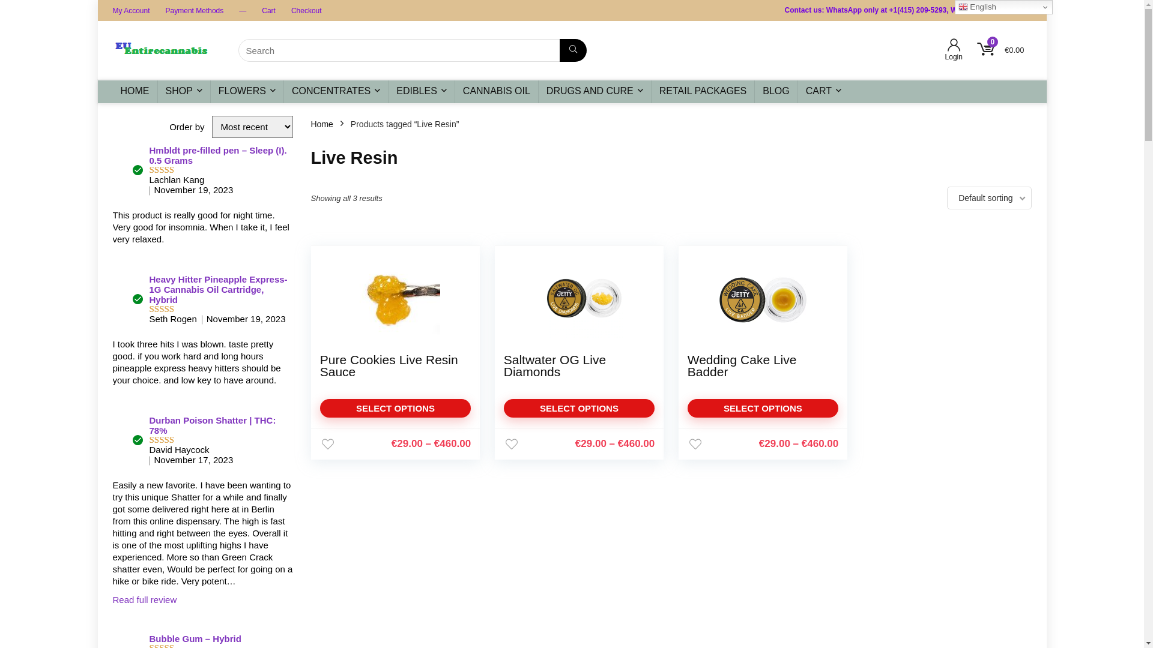  What do you see at coordinates (311, 124) in the screenshot?
I see `'Home'` at bounding box center [311, 124].